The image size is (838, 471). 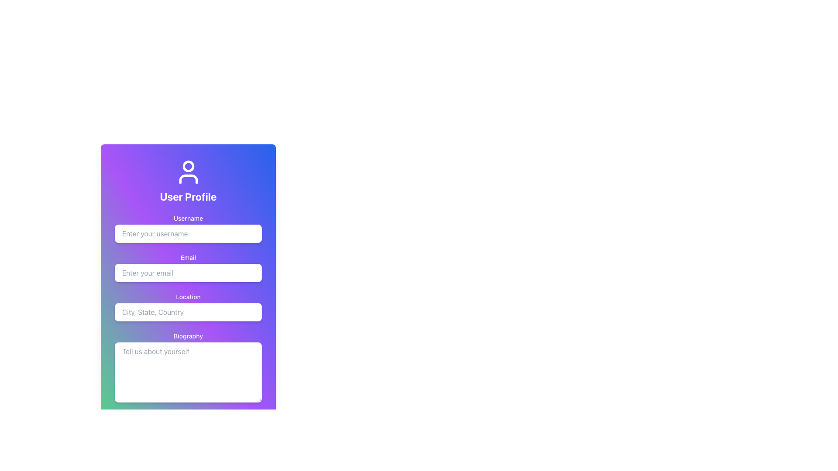 I want to click on the 'User Profile' header label, which is located below the user avatar icon and serves as the title for the User Profile form section, so click(x=188, y=197).